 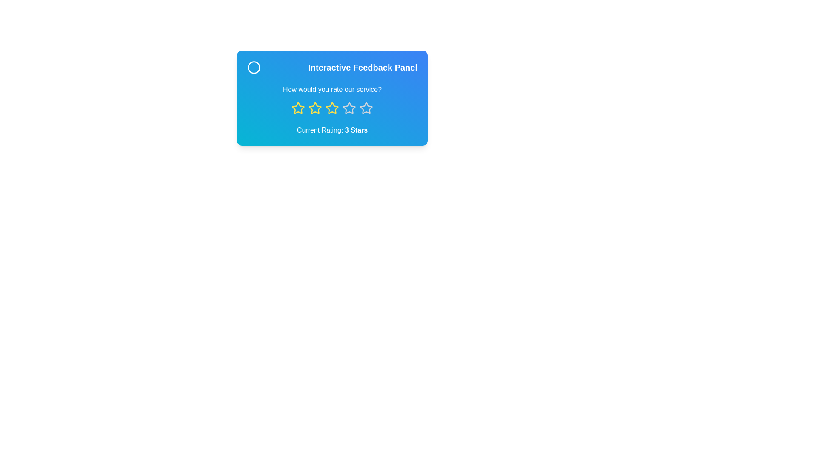 What do you see at coordinates (314, 108) in the screenshot?
I see `the third star icon in the rating system` at bounding box center [314, 108].